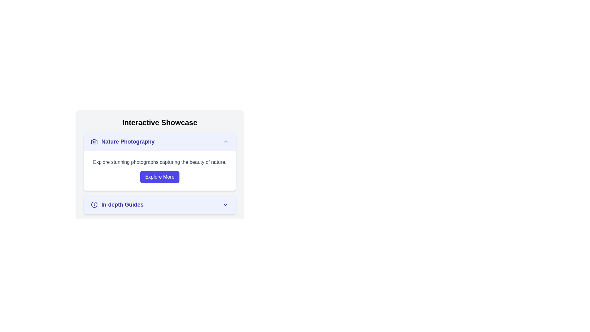 The image size is (590, 332). Describe the element at coordinates (117, 205) in the screenshot. I see `the label for in-depth guides, which is the second card in a vertical stack and includes a down-chevron icon` at that location.